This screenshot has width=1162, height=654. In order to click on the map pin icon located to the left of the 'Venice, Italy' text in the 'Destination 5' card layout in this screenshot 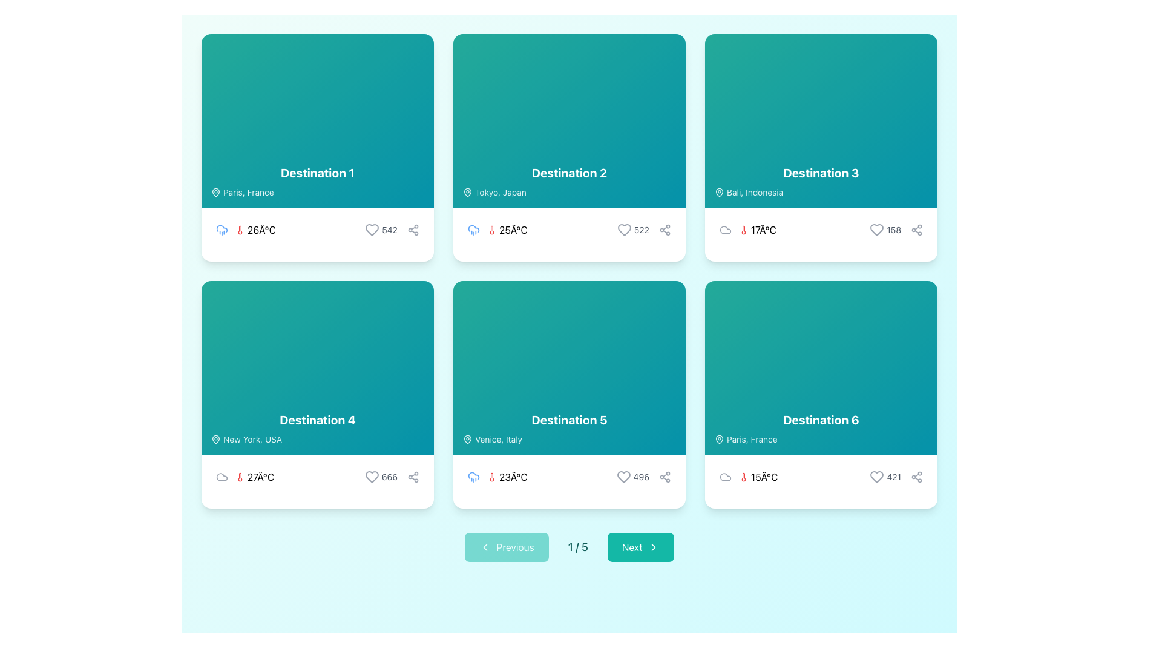, I will do `click(467, 439)`.